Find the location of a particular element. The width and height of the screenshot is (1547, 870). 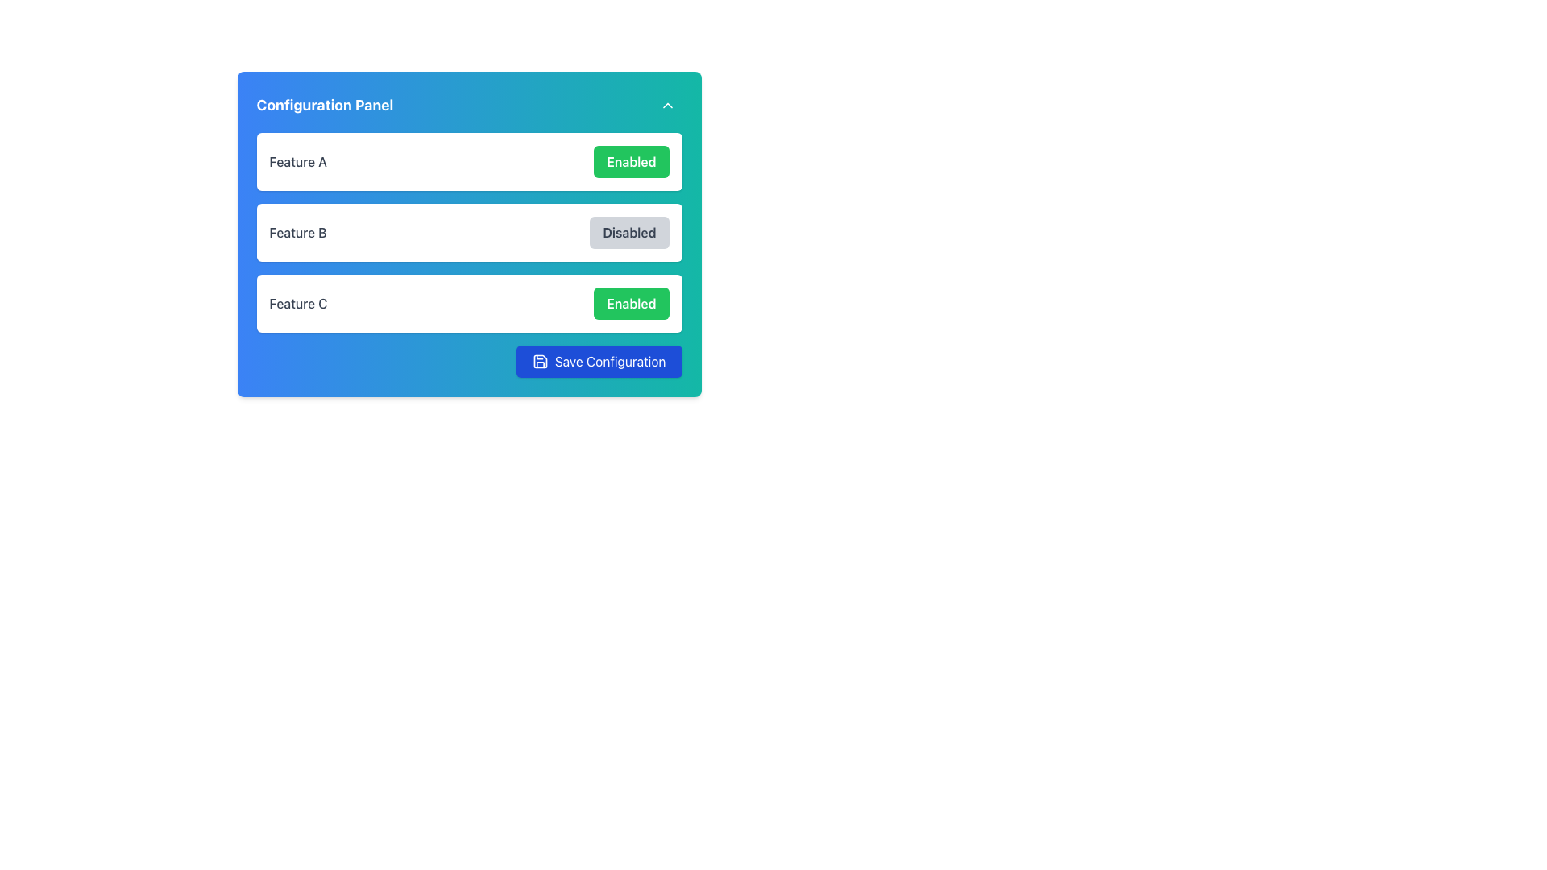

the 'Save Configuration' button, which is styled with a bold white font on a blue background and includes a save icon on its left side, located in the bottom-right corner of the configuration options panel is located at coordinates (609, 360).